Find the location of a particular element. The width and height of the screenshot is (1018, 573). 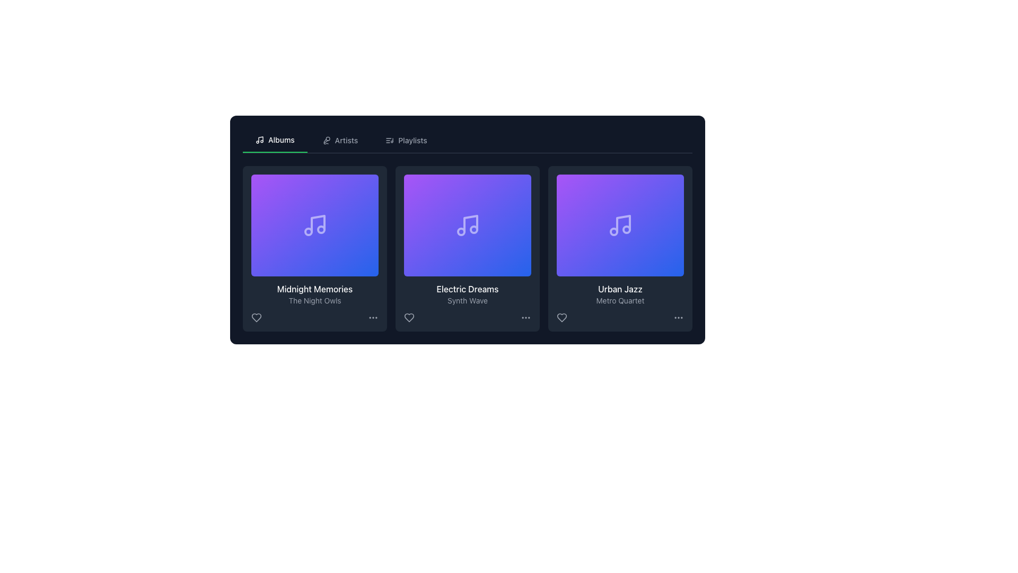

the first interactive card representing an album or collection is located at coordinates (314, 249).